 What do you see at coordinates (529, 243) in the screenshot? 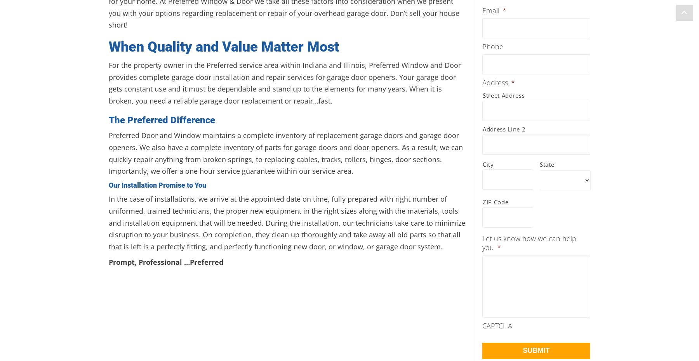
I see `'Let us know how we can help you'` at bounding box center [529, 243].